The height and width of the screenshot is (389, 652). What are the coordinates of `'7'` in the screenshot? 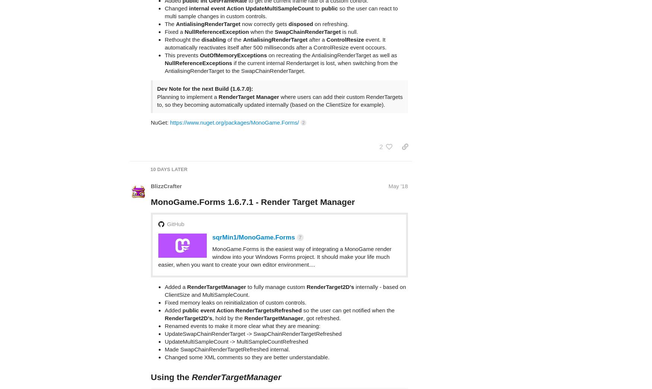 It's located at (300, 208).